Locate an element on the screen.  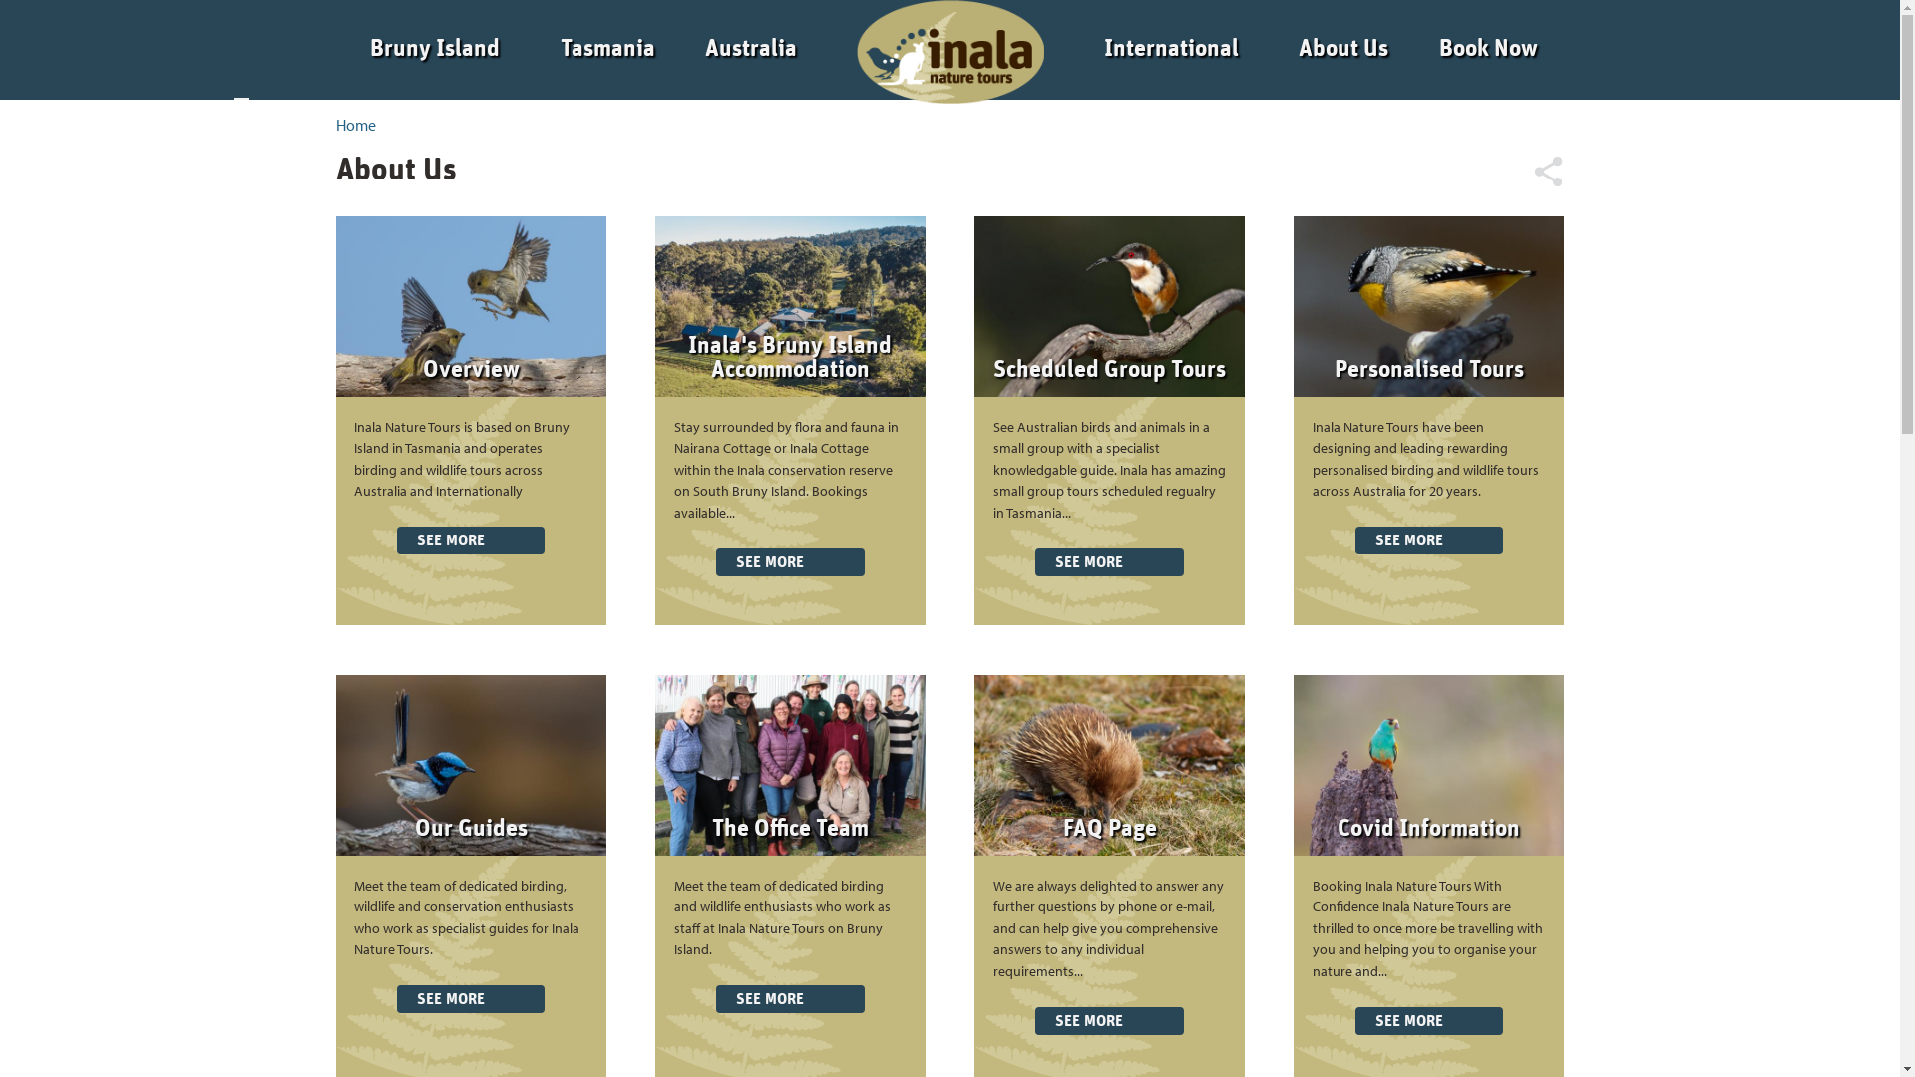
'Tasmania' is located at coordinates (606, 48).